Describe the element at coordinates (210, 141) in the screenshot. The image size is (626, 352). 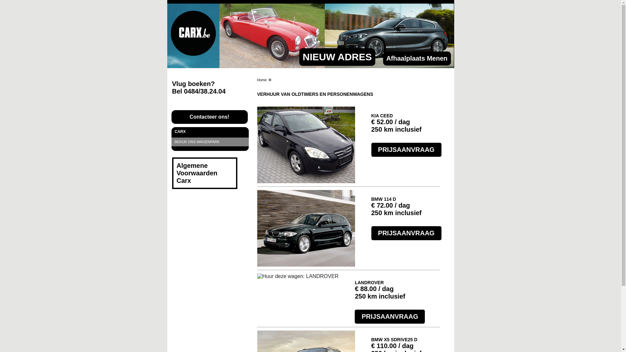
I see `'BEKIJK ONS WAGENPARK'` at that location.